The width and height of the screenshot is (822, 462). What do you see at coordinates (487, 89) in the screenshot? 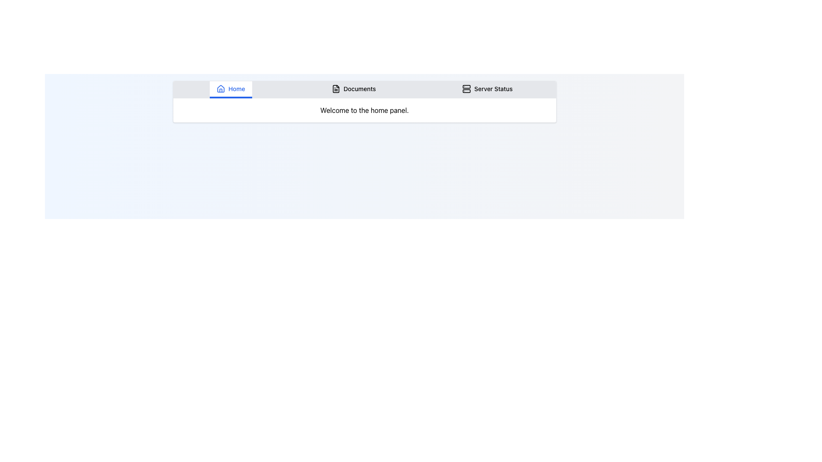
I see `the 'Server Status' button in the navigation bar` at bounding box center [487, 89].